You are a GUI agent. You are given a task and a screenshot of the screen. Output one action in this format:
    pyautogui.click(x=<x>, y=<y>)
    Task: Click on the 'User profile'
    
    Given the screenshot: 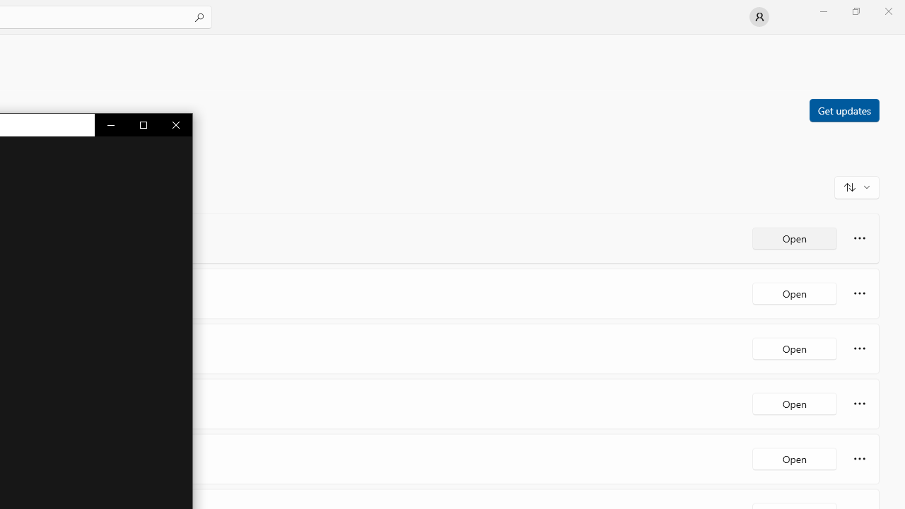 What is the action you would take?
    pyautogui.click(x=758, y=17)
    